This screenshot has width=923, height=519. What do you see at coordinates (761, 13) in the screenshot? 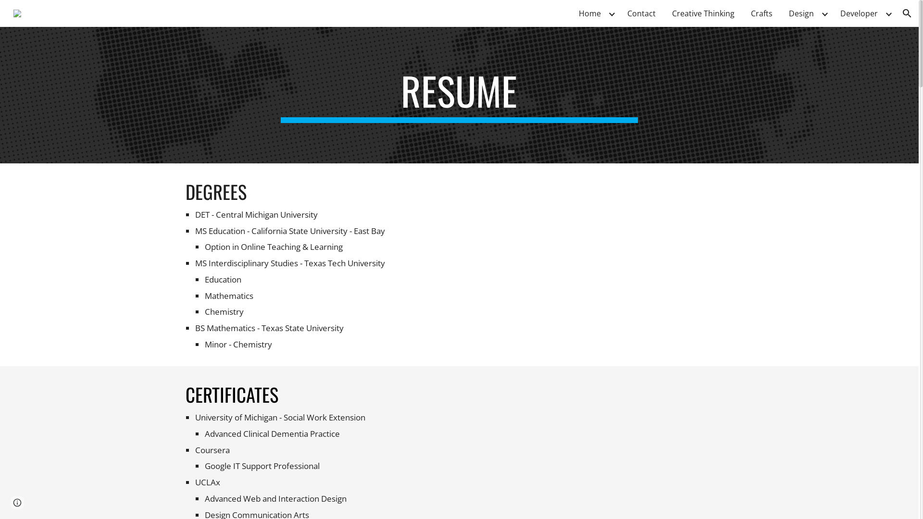
I see `'Crafts'` at bounding box center [761, 13].